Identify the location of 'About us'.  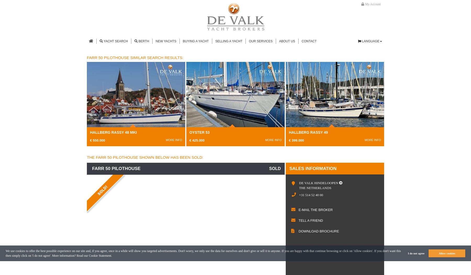
(279, 41).